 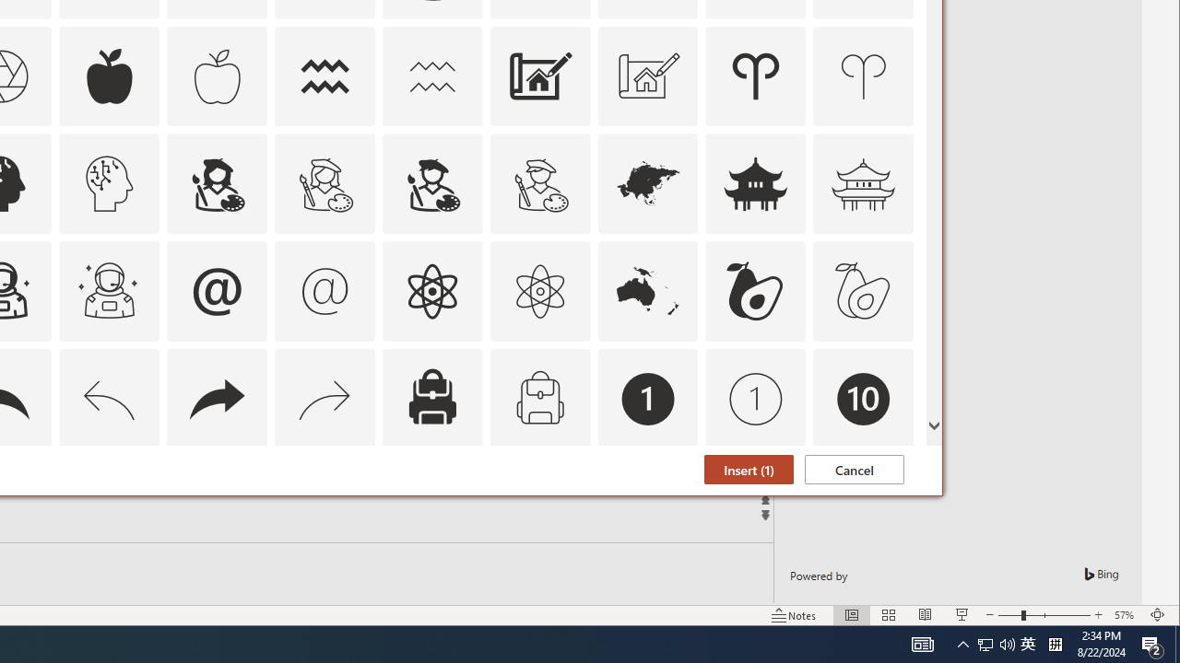 What do you see at coordinates (217, 75) in the screenshot?
I see `'AutomationID: Icons_Apple_M'` at bounding box center [217, 75].